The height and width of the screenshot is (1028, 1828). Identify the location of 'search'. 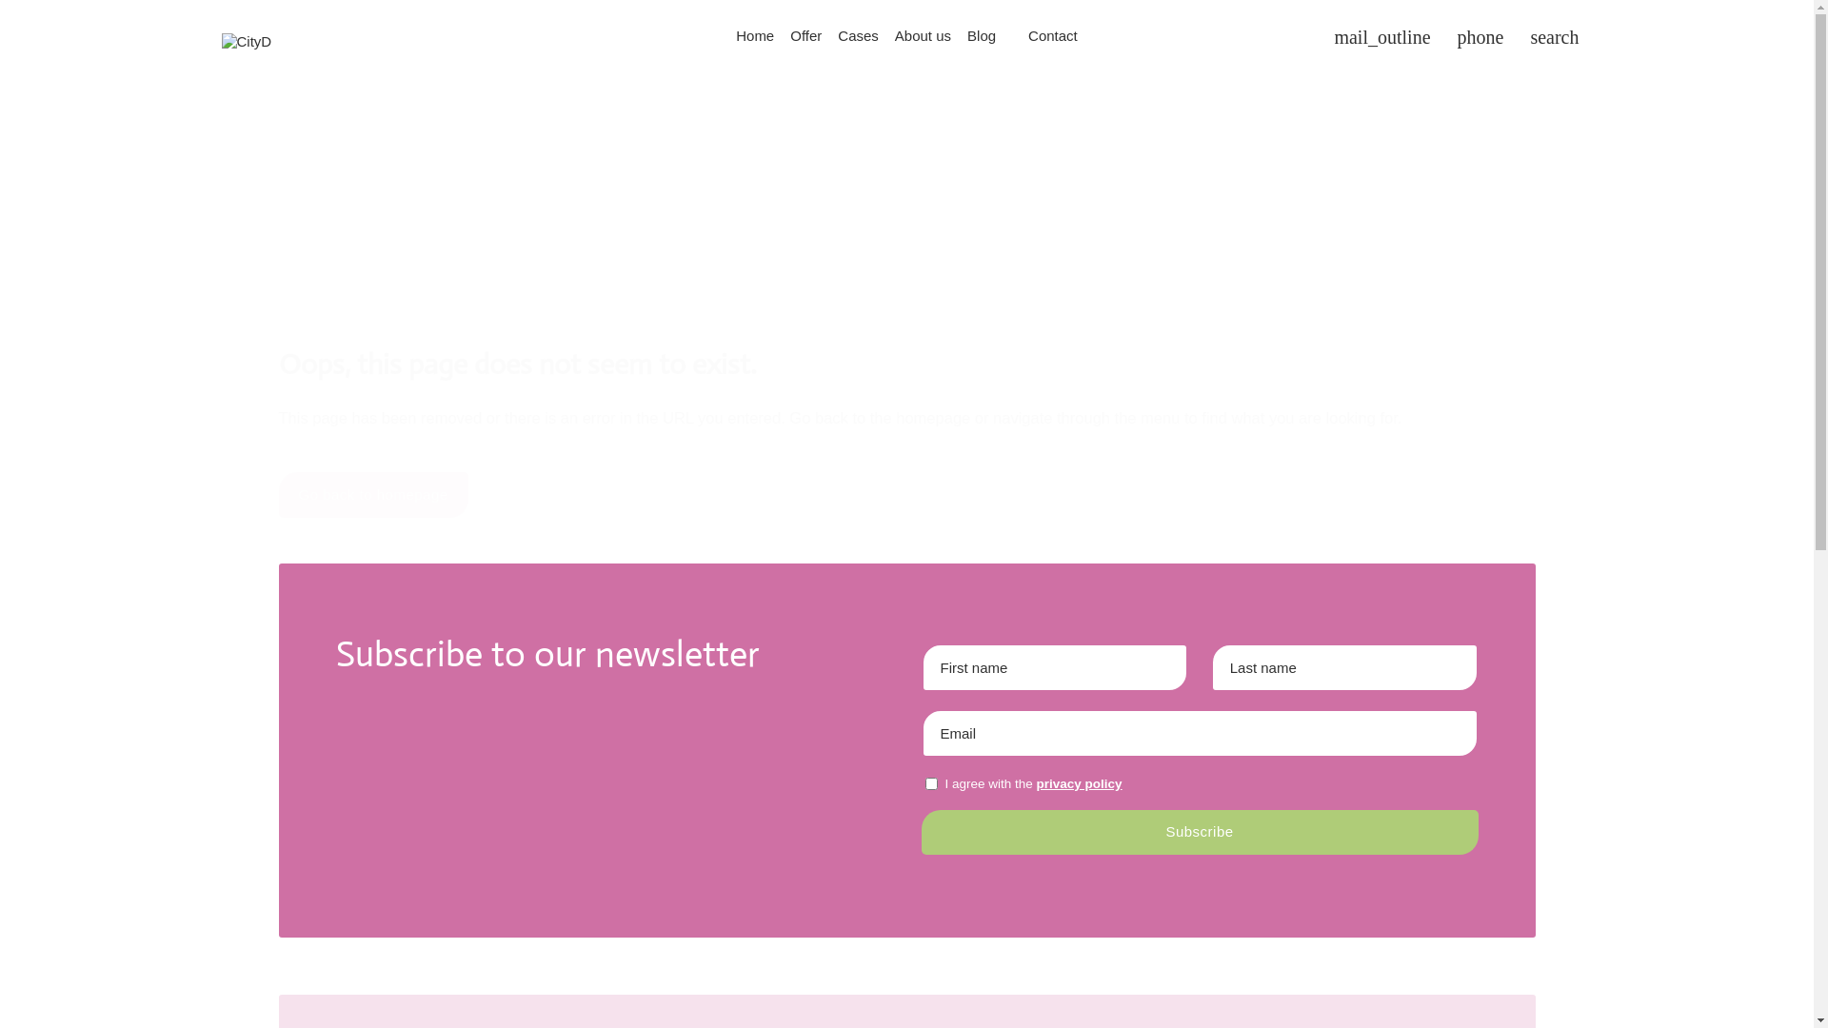
(1554, 36).